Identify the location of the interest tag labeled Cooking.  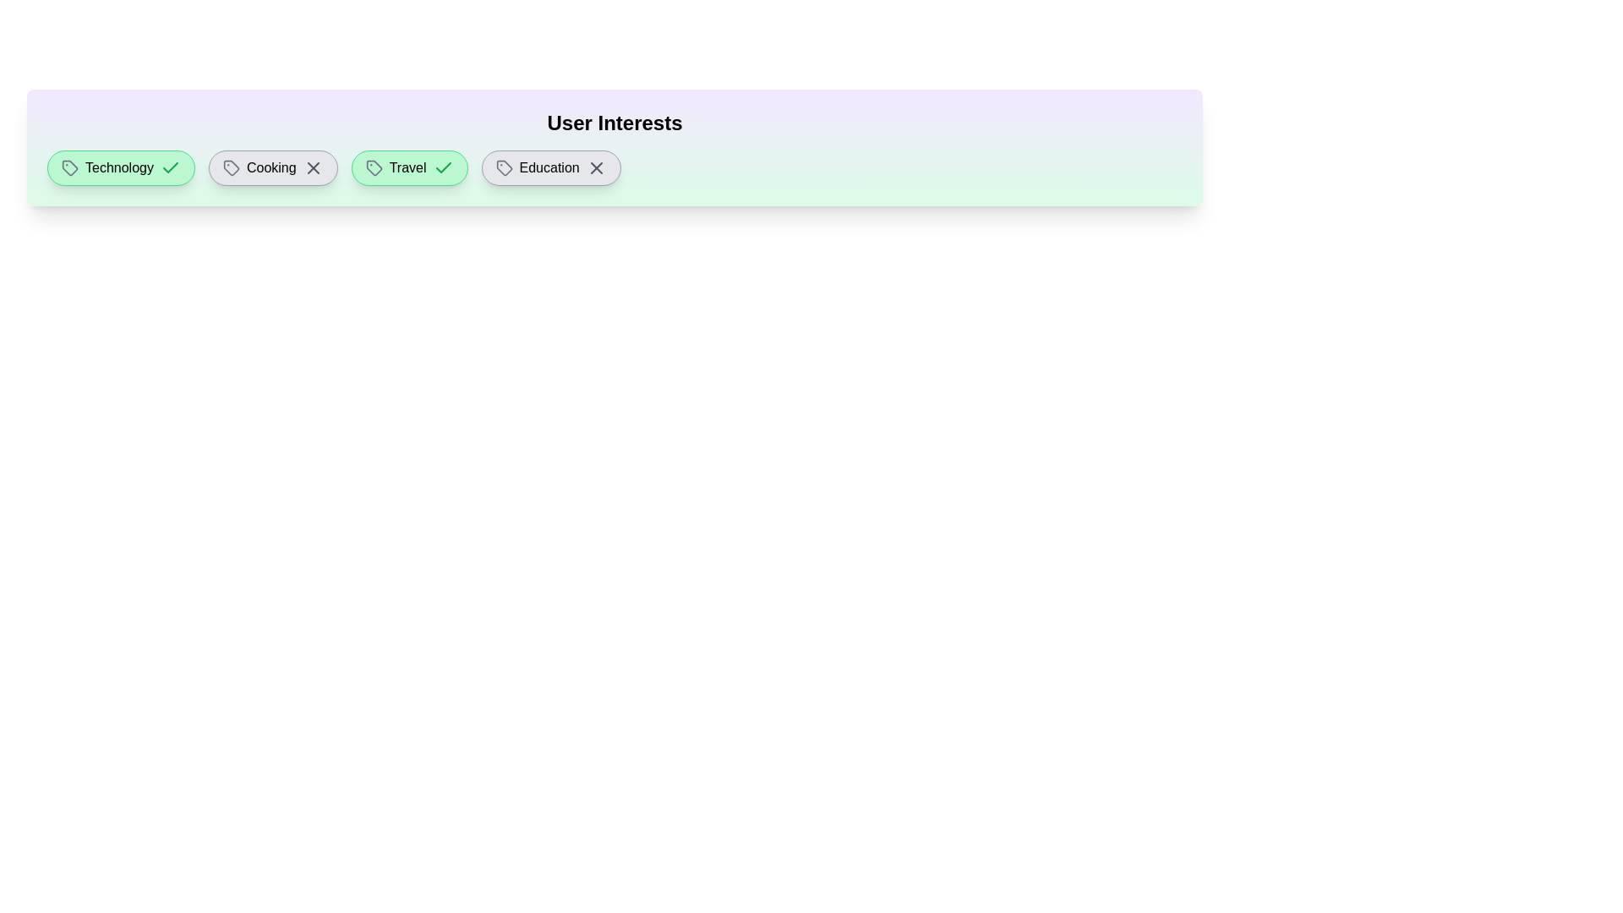
(272, 168).